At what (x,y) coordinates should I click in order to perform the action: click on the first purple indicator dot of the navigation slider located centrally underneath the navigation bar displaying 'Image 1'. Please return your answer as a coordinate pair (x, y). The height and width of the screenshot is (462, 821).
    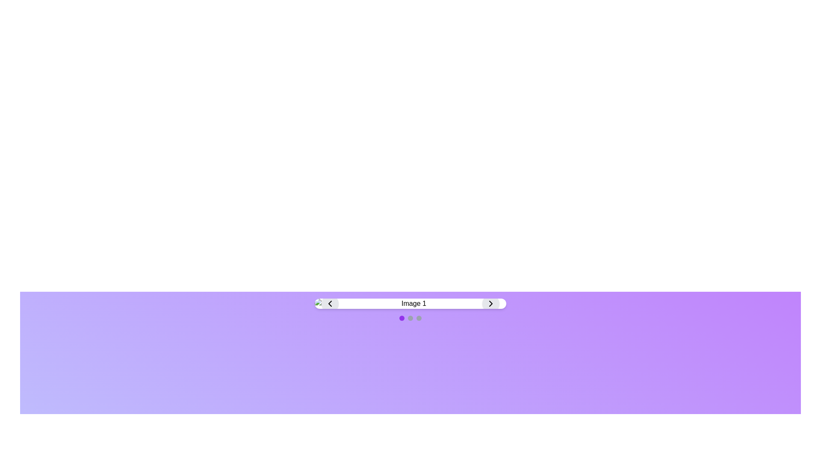
    Looking at the image, I should click on (402, 318).